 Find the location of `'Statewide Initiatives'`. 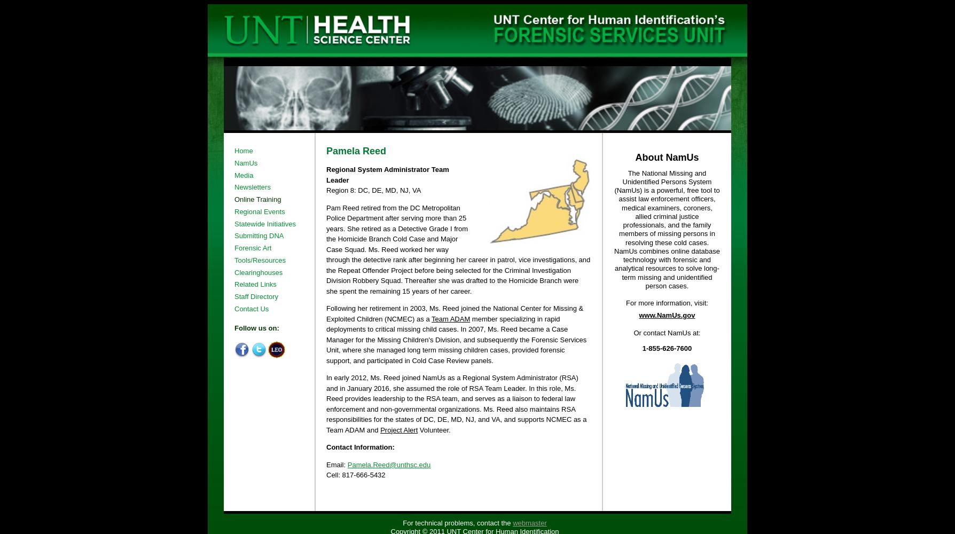

'Statewide Initiatives' is located at coordinates (233, 223).